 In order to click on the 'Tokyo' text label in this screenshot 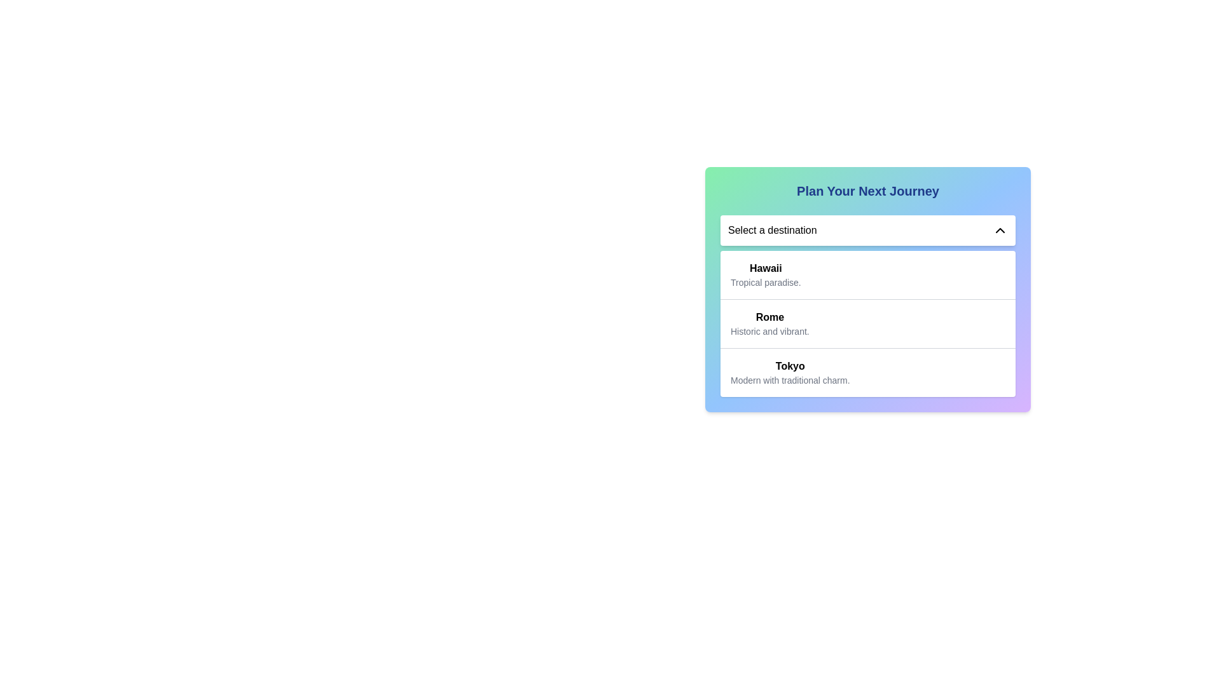, I will do `click(789, 367)`.